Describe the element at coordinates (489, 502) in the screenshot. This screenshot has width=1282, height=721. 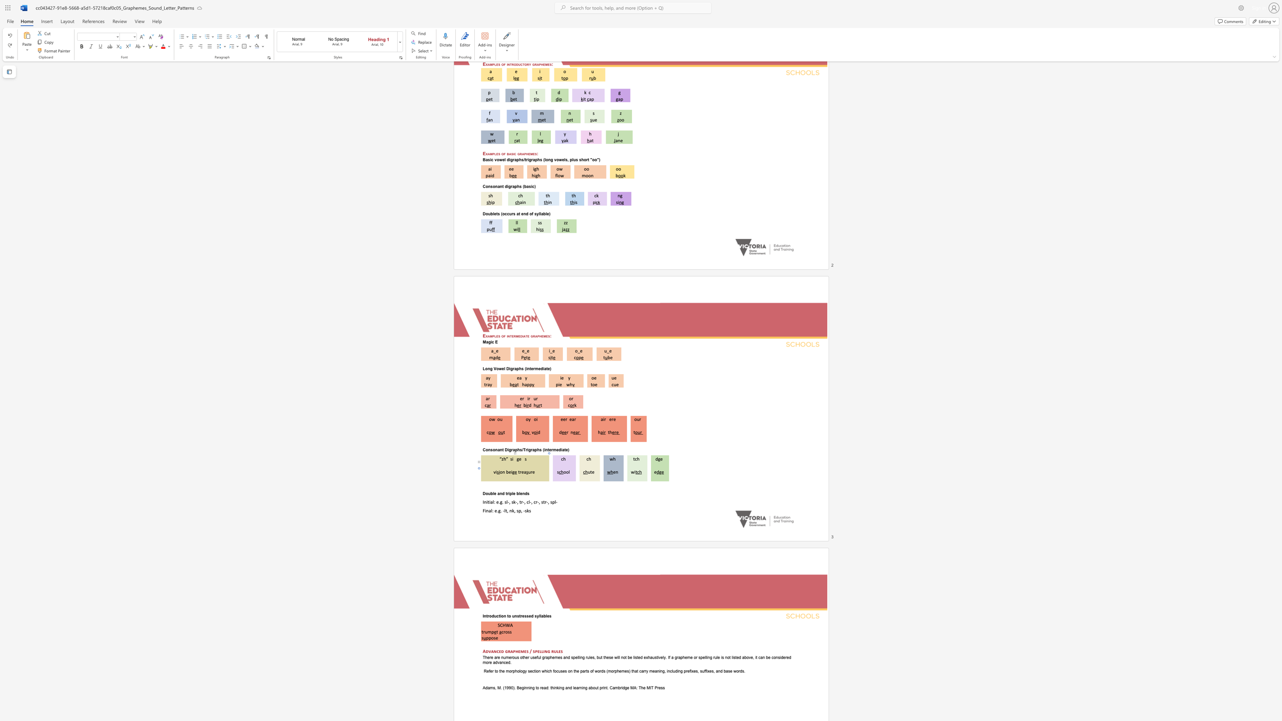
I see `the space between the continuous character "t" and "i" in the text` at that location.